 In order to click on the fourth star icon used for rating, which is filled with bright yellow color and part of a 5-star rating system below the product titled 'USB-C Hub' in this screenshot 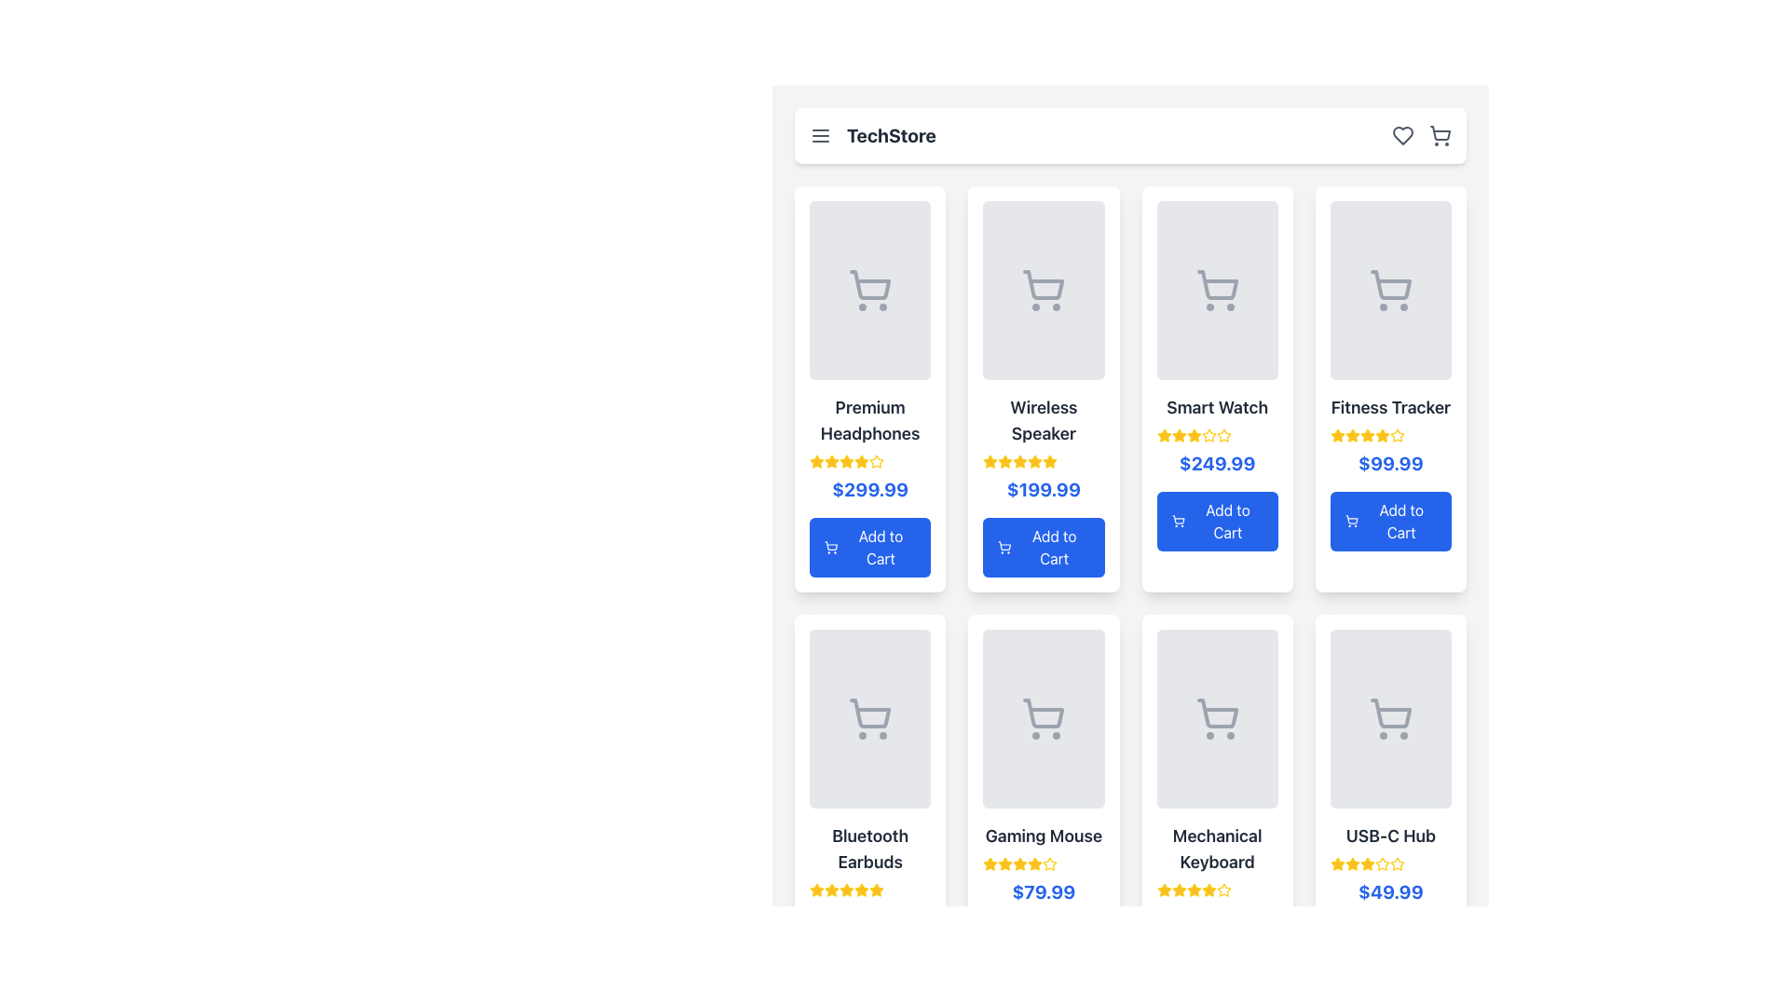, I will do `click(1382, 863)`.